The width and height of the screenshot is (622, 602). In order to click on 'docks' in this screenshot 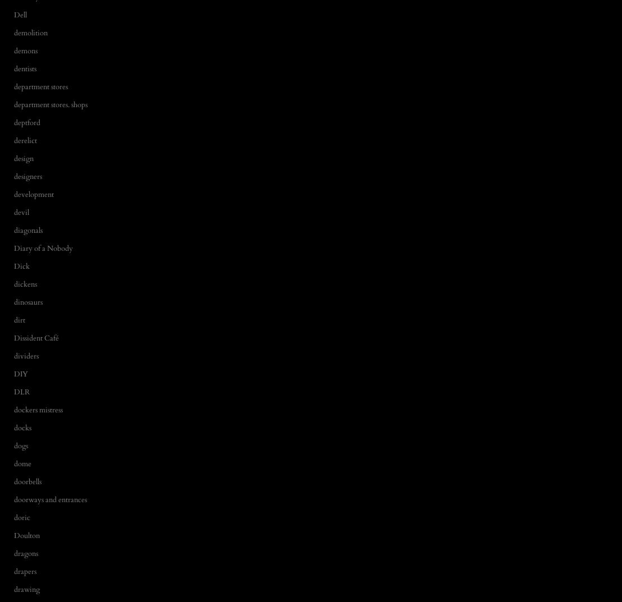, I will do `click(14, 427)`.